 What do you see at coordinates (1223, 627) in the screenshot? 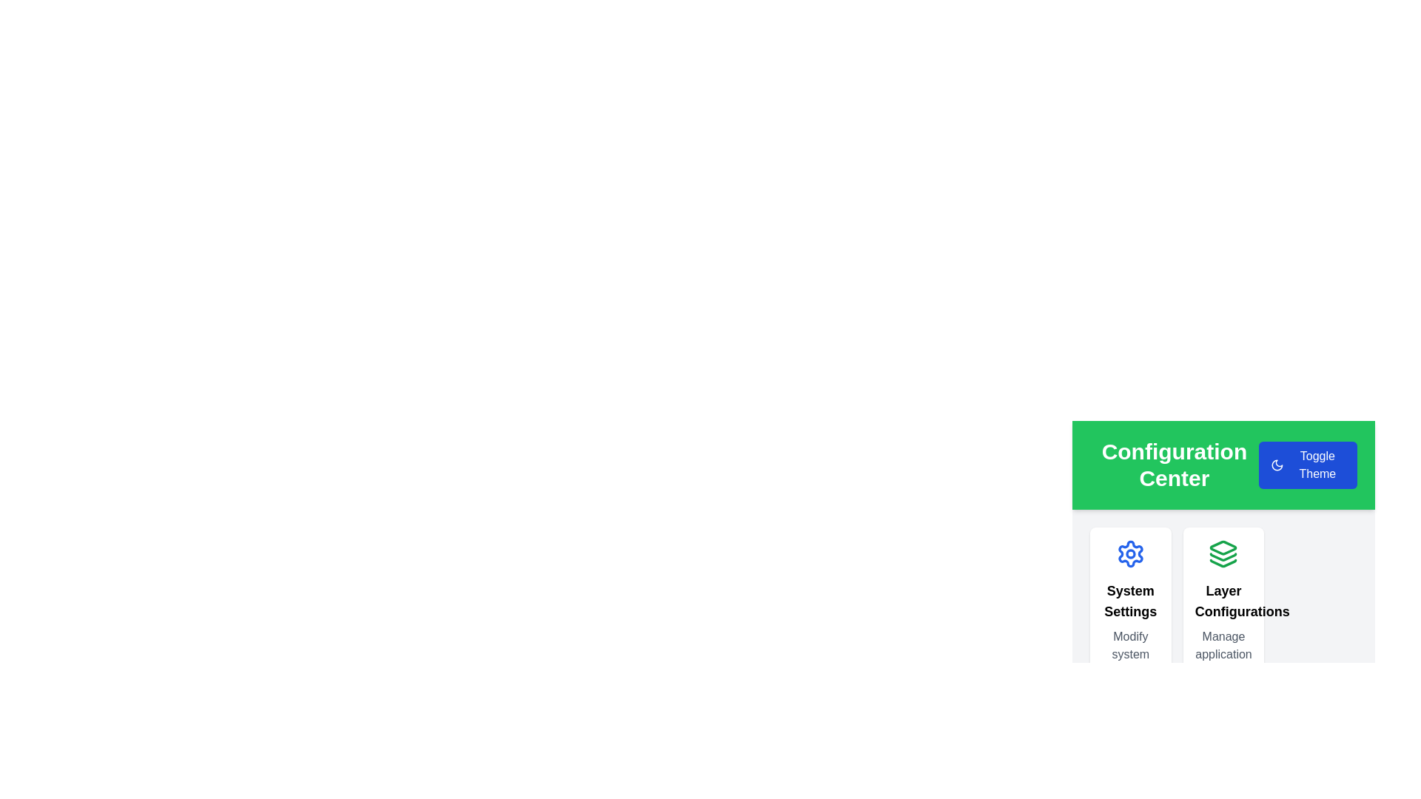
I see `the 'Layer Configurations' Information Card, which is the second card in the Configuration Center layout, featuring a green stack icon and bold text` at bounding box center [1223, 627].